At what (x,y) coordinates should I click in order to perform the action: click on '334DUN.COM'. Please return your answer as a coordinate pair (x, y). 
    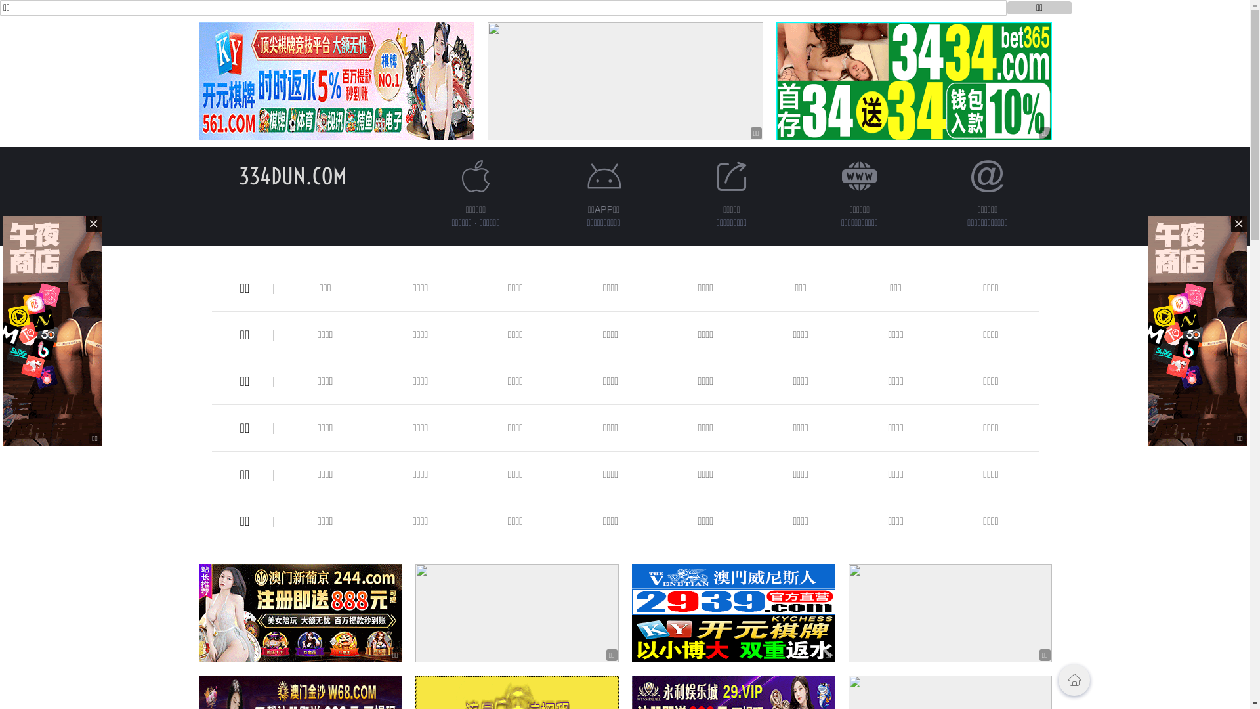
    Looking at the image, I should click on (239, 175).